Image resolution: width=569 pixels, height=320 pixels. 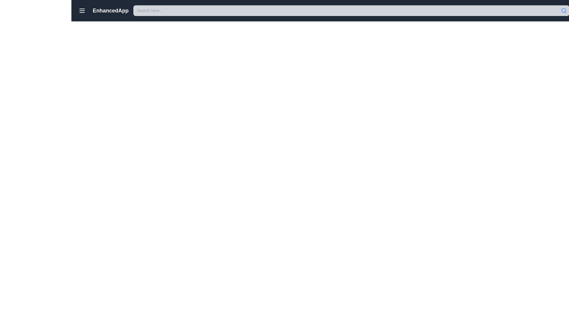 What do you see at coordinates (563, 10) in the screenshot?
I see `the decorative Circle element that is part of the search icon located in the top right corner of the interface` at bounding box center [563, 10].